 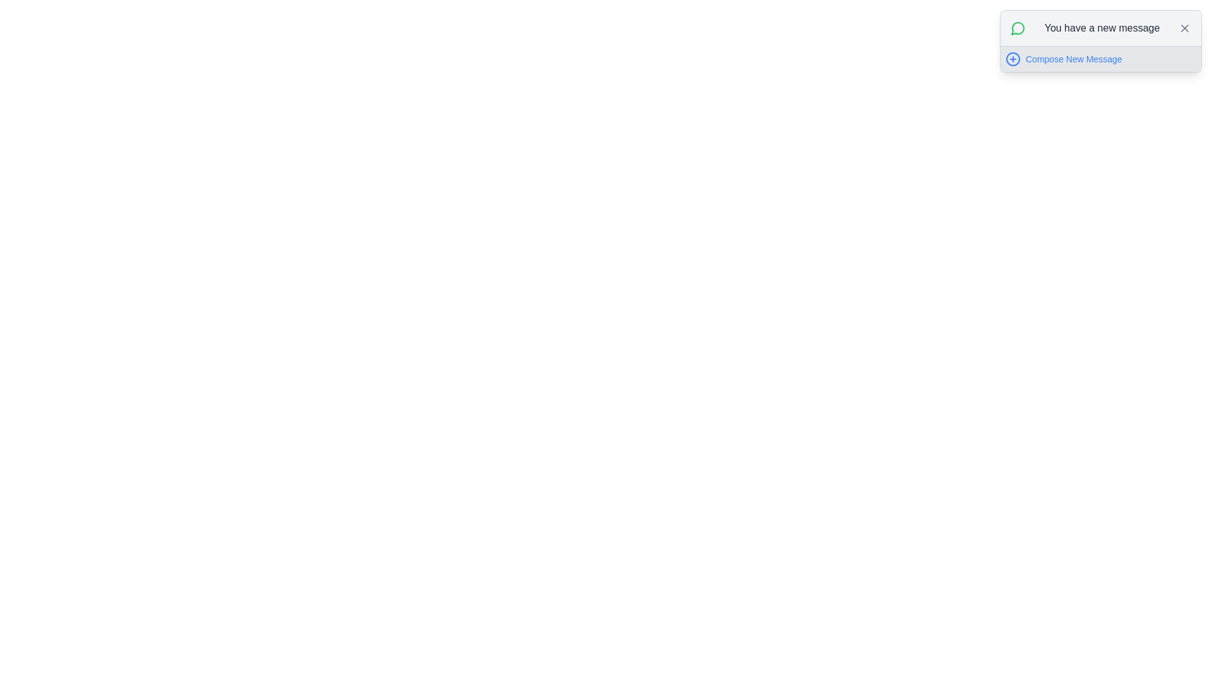 What do you see at coordinates (1184, 28) in the screenshot?
I see `the close icon located in the top-right corner of the notification box` at bounding box center [1184, 28].